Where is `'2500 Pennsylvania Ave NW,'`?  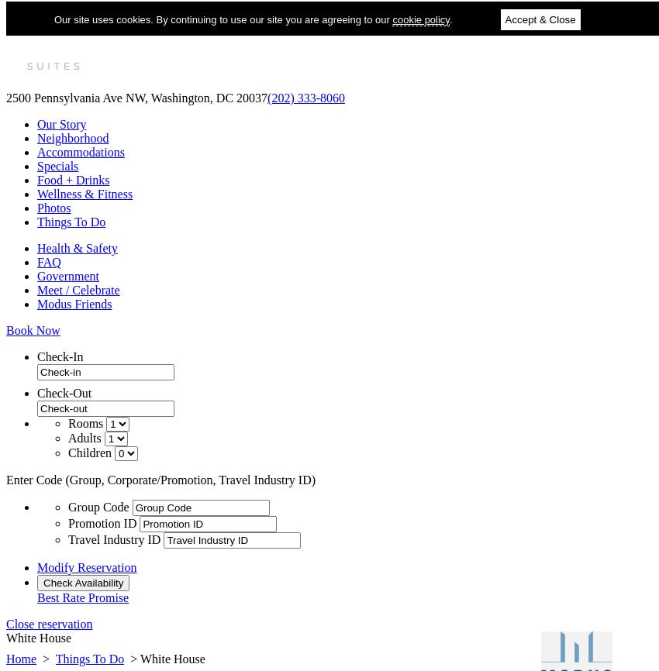 '2500 Pennsylvania Ave NW,' is located at coordinates (5, 98).